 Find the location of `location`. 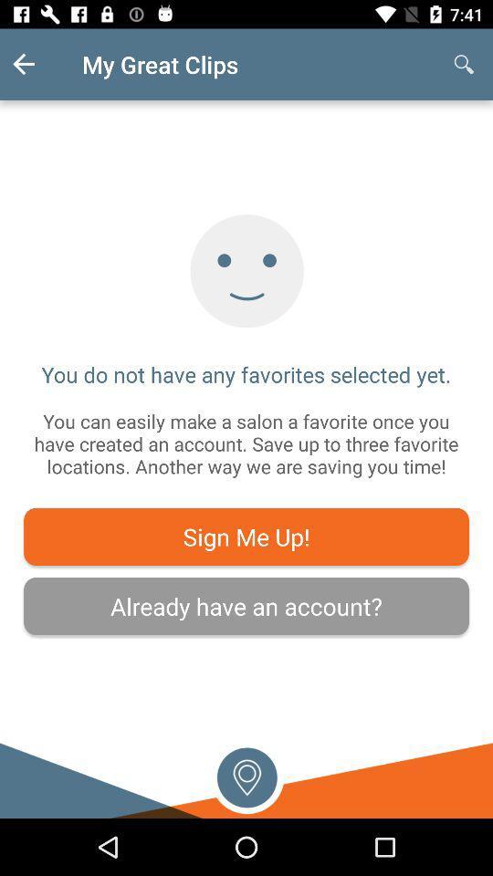

location is located at coordinates (246, 775).